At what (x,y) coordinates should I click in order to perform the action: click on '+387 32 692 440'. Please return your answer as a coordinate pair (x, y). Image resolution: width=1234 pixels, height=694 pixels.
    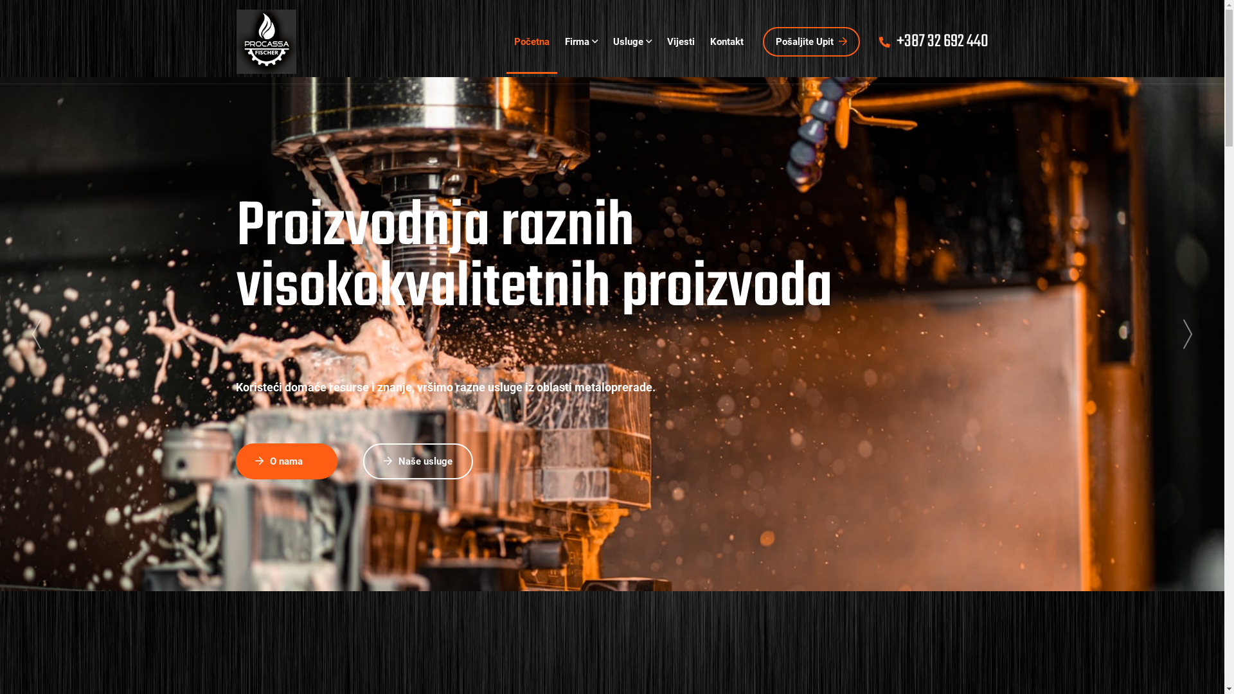
    Looking at the image, I should click on (934, 41).